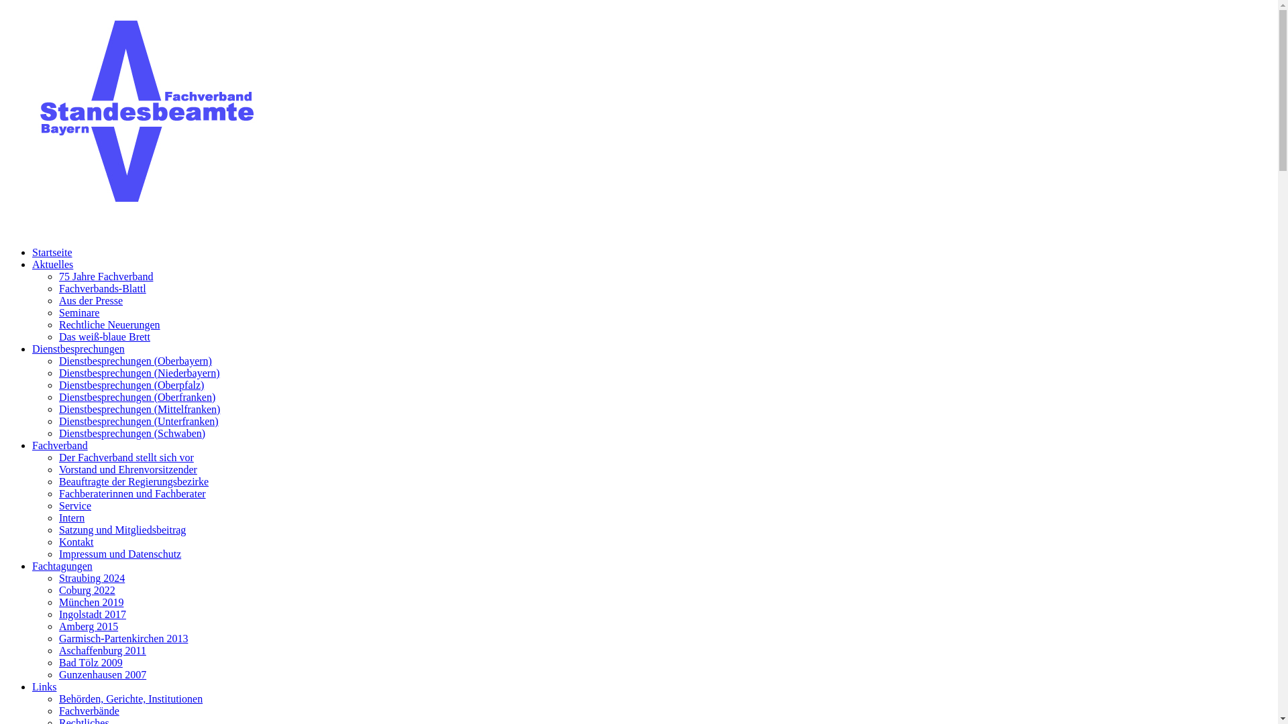 The width and height of the screenshot is (1288, 724). What do you see at coordinates (52, 252) in the screenshot?
I see `'Startseite'` at bounding box center [52, 252].